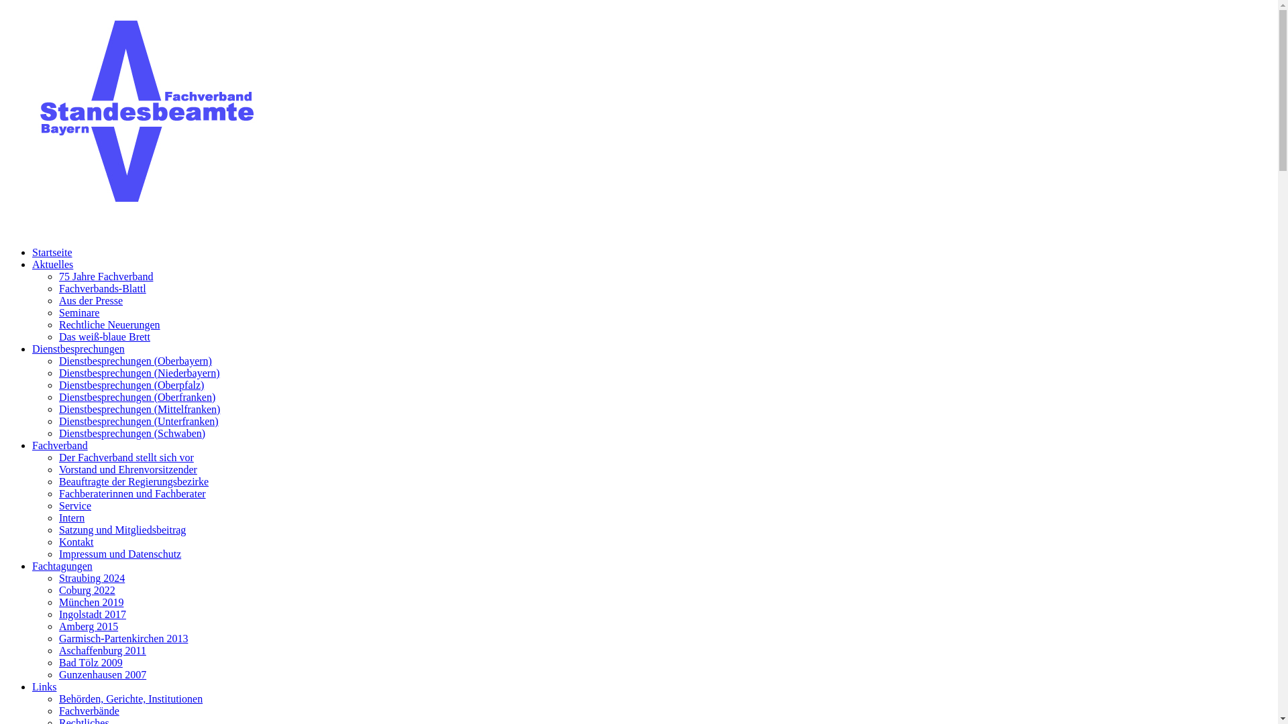 The width and height of the screenshot is (1288, 724). What do you see at coordinates (52, 252) in the screenshot?
I see `'Startseite'` at bounding box center [52, 252].